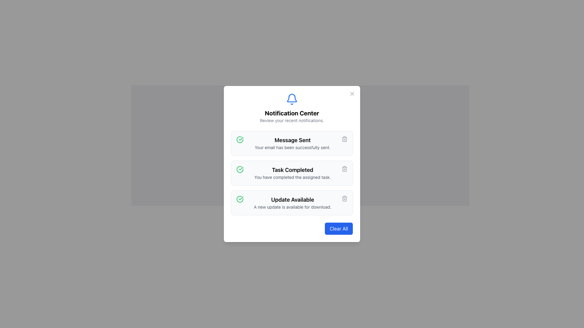 The height and width of the screenshot is (328, 584). I want to click on the circular checkmark icon representing success next to the text 'Message Sent' in the first notification entry of the notification pop-up, so click(239, 199).